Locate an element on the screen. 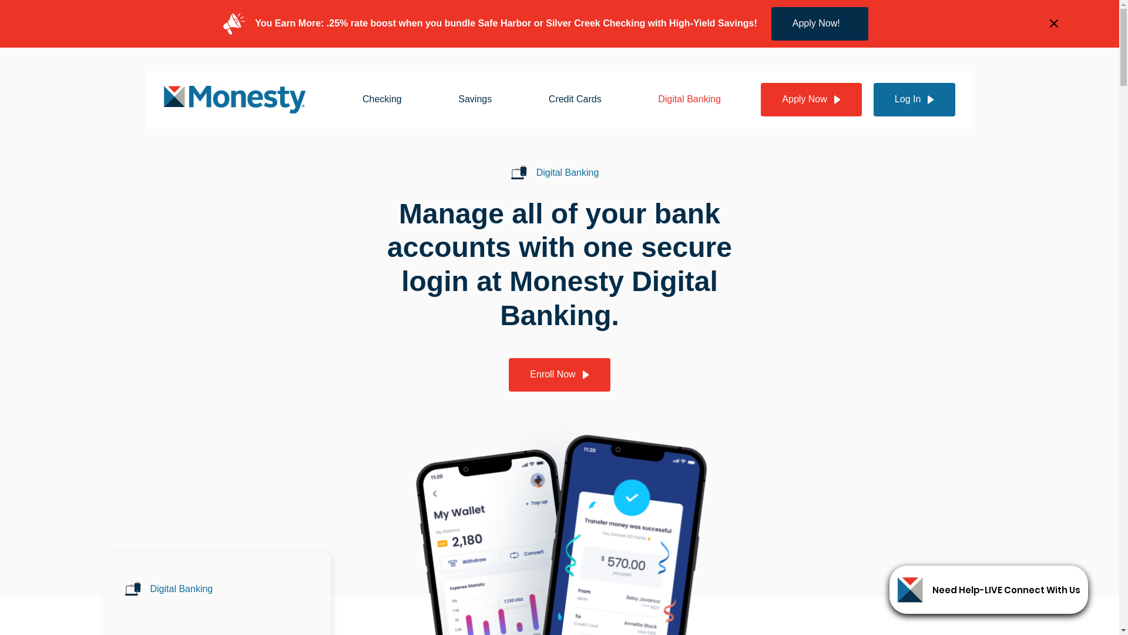 Image resolution: width=1128 pixels, height=635 pixels. 'Log In' is located at coordinates (914, 99).